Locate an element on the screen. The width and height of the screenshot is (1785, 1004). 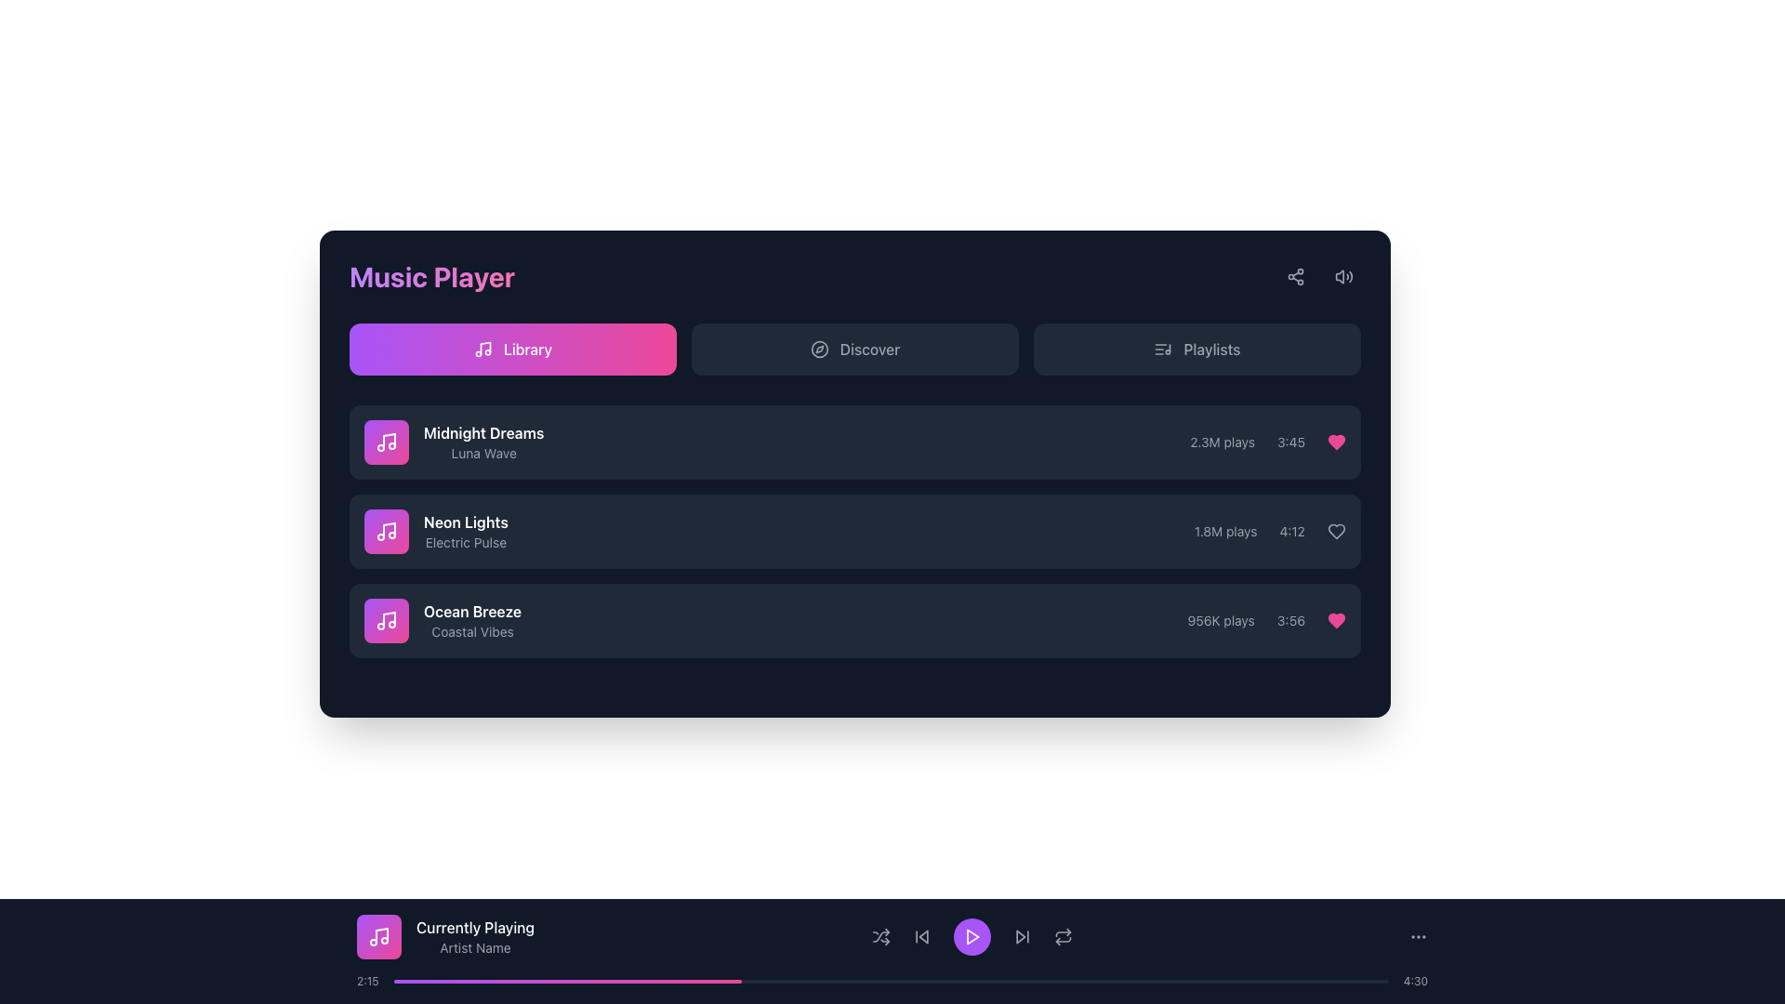
the backward arrow button in the music player control bar to skip to the previous track is located at coordinates (921, 936).